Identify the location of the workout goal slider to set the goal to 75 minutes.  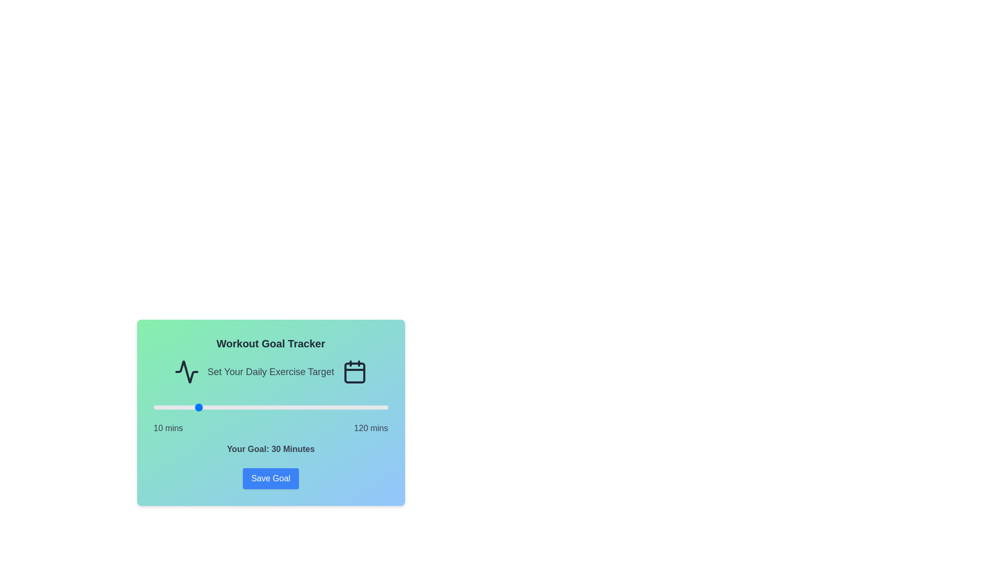
(292, 407).